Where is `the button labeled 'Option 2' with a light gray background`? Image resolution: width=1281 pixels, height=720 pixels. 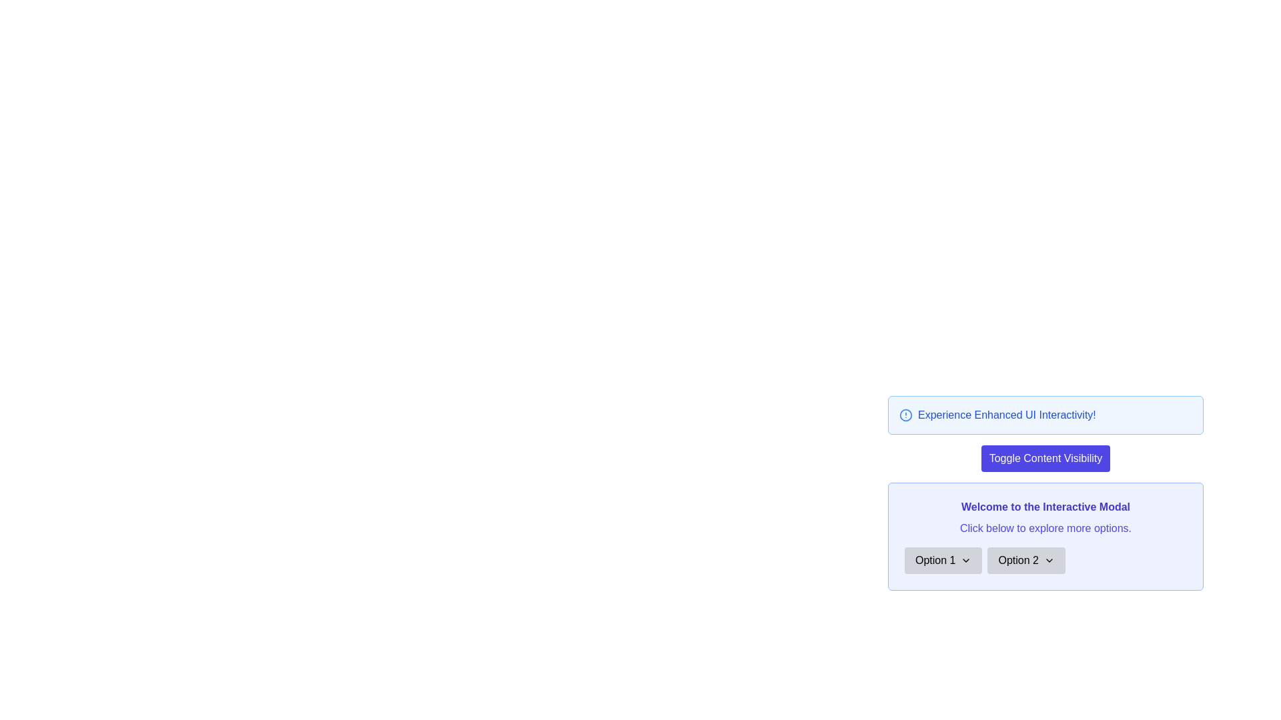
the button labeled 'Option 2' with a light gray background is located at coordinates (1025, 560).